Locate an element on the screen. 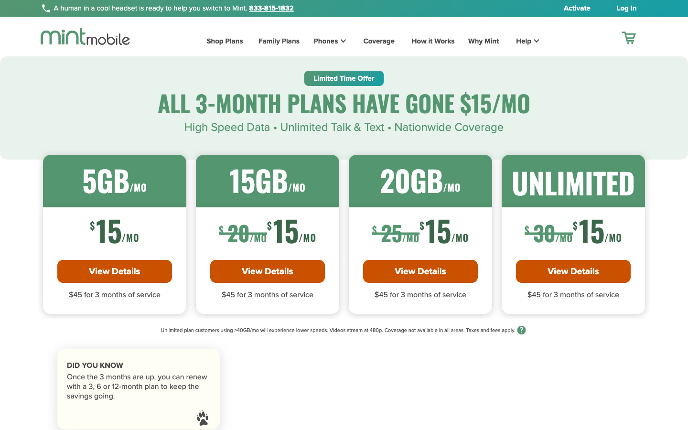 Image resolution: width=688 pixels, height=430 pixels. Extract more data on 20GB Plan is located at coordinates (419, 271).